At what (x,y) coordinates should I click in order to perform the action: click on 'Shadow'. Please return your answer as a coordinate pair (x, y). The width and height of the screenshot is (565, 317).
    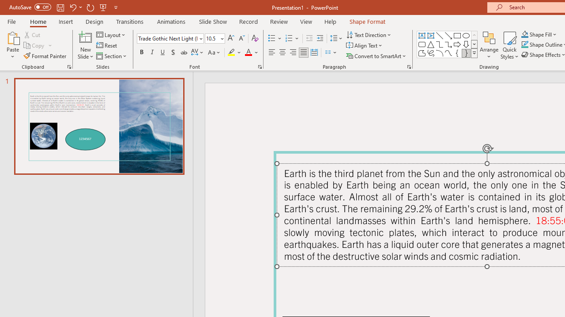
    Looking at the image, I should click on (173, 52).